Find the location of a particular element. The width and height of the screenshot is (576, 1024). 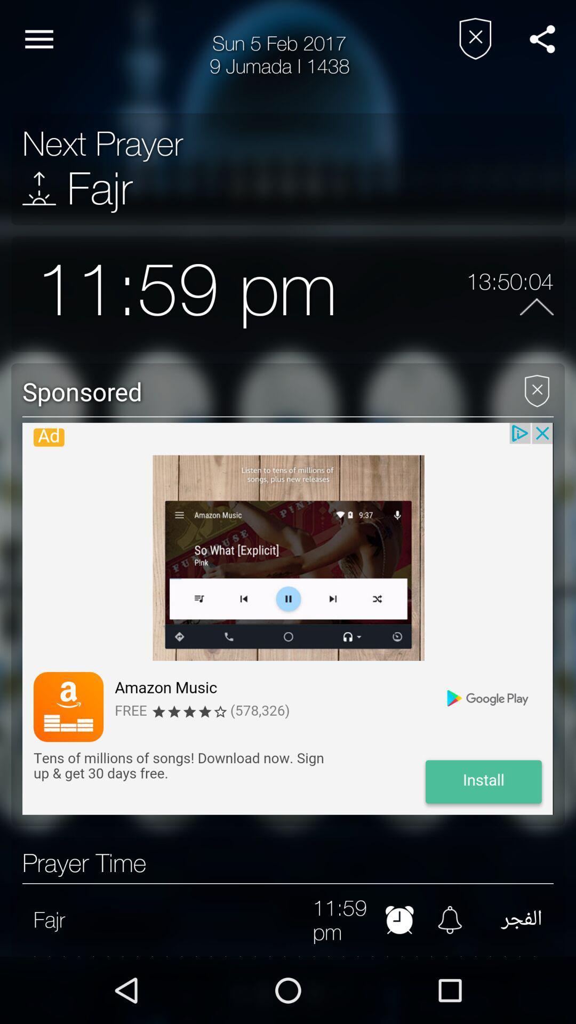

the icon below 11:59 pm item is located at coordinates (260, 390).